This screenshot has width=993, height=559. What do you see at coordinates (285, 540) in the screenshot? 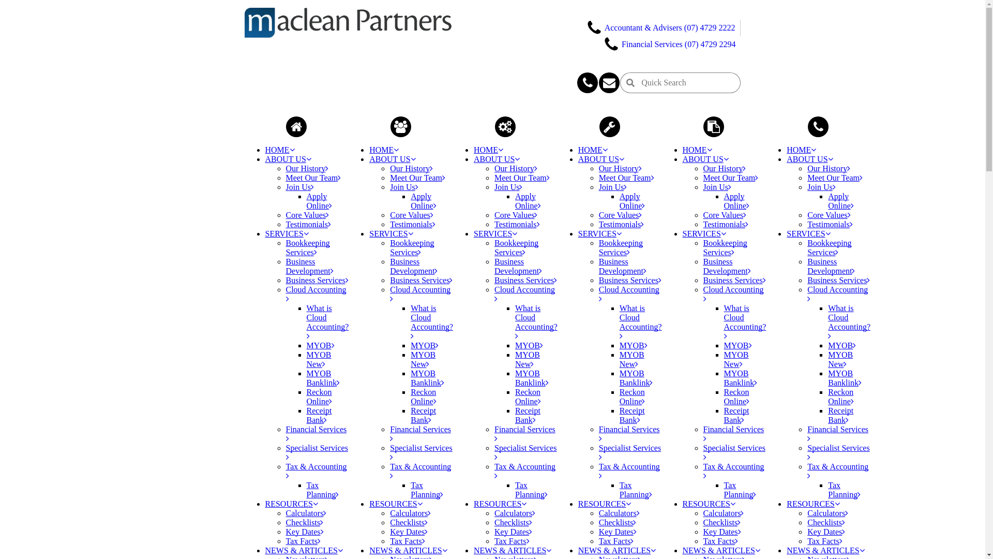
I see `'Tax Facts'` at bounding box center [285, 540].